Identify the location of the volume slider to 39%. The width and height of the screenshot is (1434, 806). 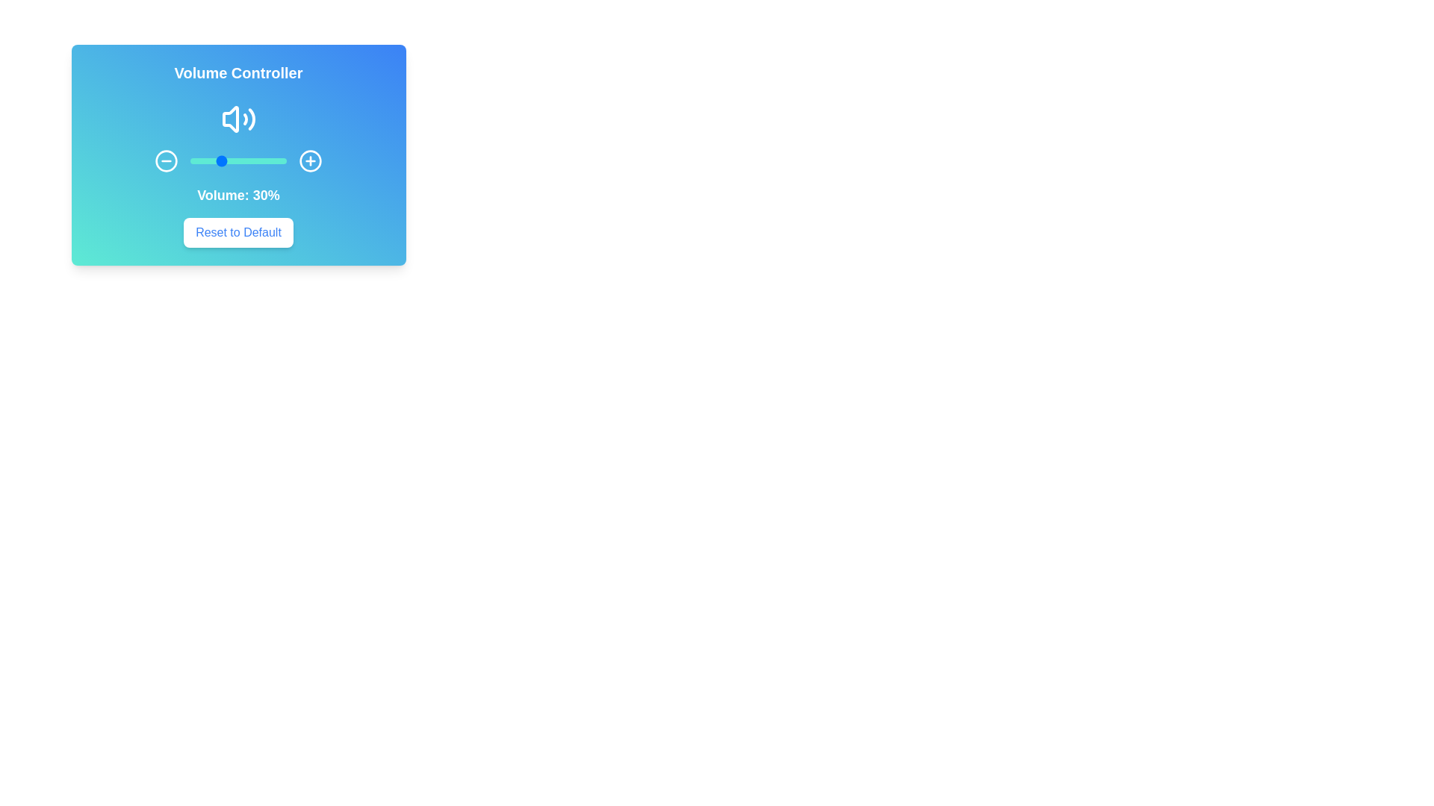
(227, 161).